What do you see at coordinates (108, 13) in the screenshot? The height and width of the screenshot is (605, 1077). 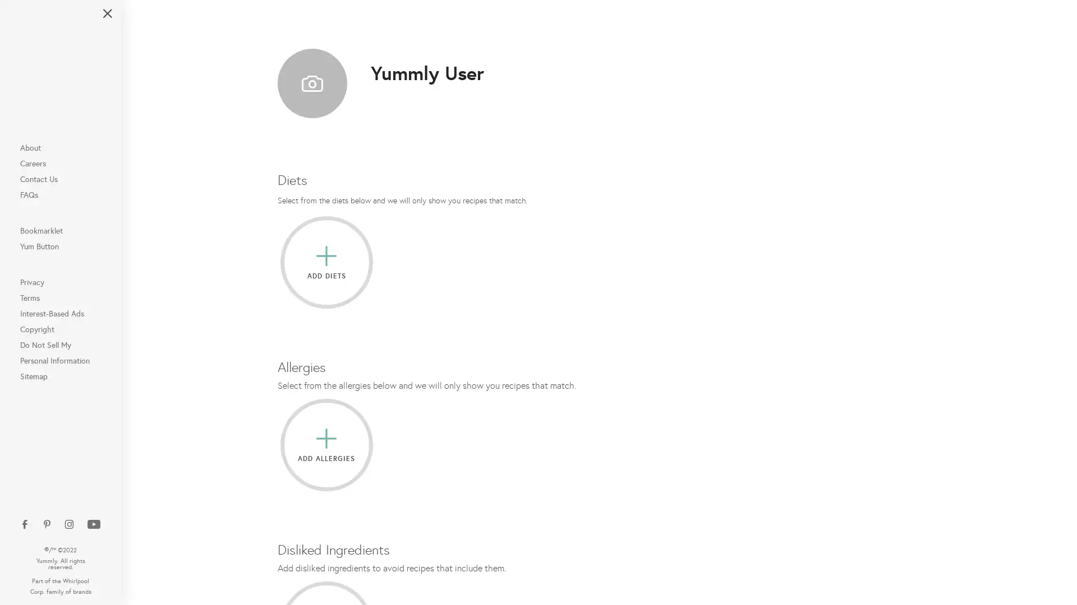 I see `Close Navigation` at bounding box center [108, 13].